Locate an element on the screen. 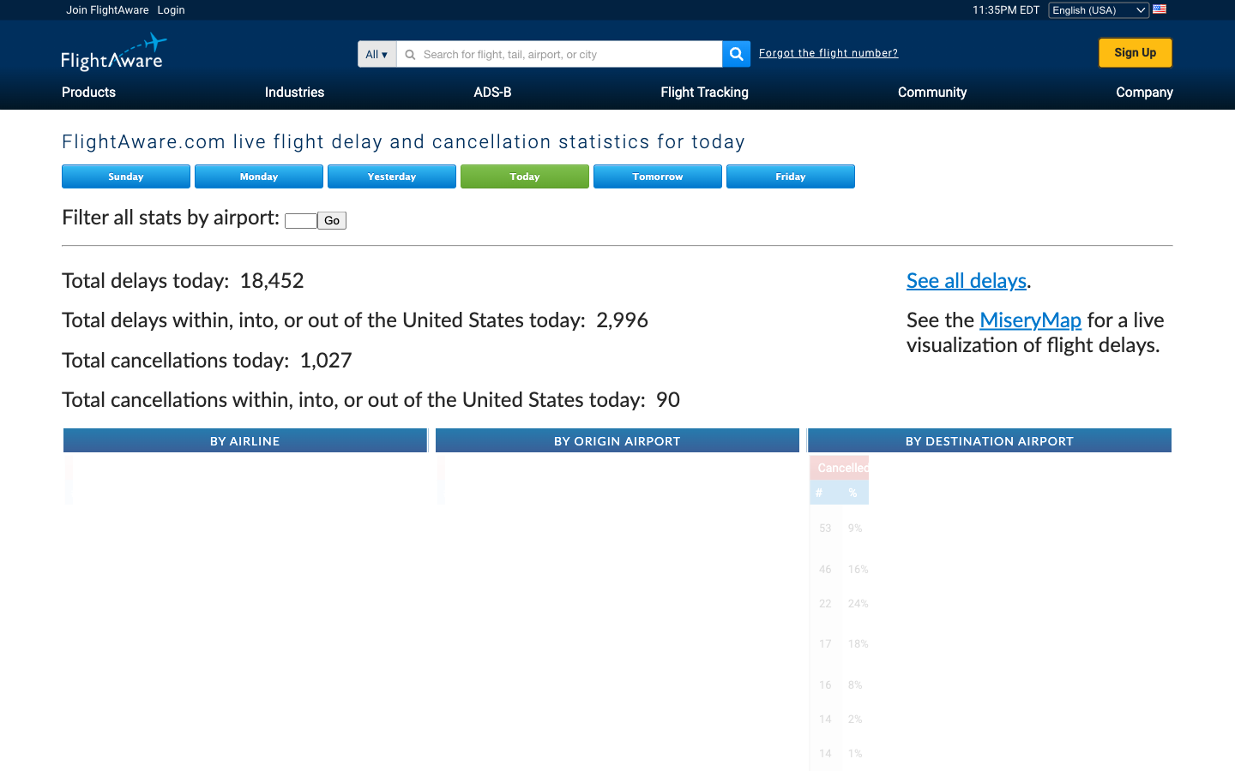  "forgot flight number" option is located at coordinates (828, 52).